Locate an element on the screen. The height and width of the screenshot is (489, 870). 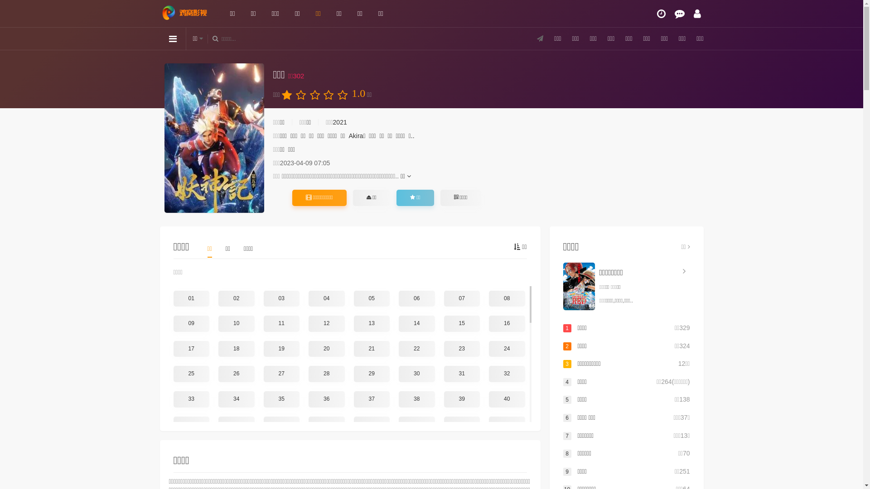
'24' is located at coordinates (488, 349).